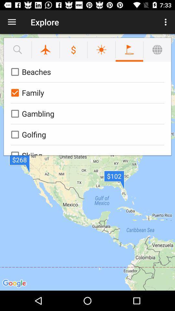 This screenshot has width=175, height=311. I want to click on the skiing icon, so click(86, 150).